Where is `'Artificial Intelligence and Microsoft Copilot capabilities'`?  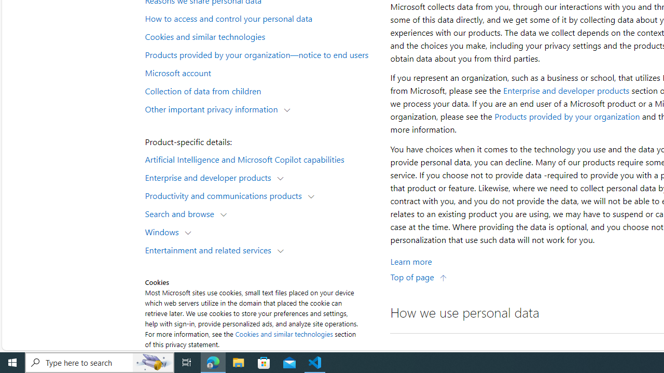 'Artificial Intelligence and Microsoft Copilot capabilities' is located at coordinates (261, 159).